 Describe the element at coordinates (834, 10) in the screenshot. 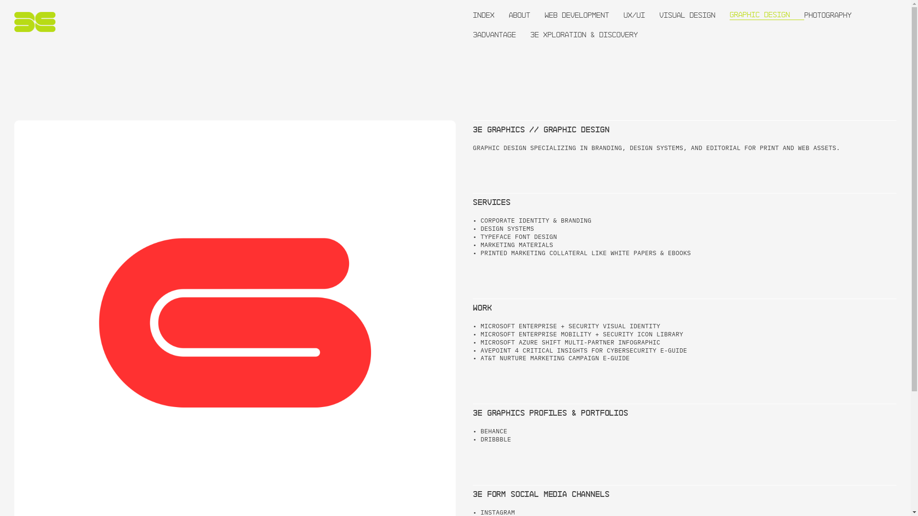

I see `'PHOTOGRAPHY'` at that location.